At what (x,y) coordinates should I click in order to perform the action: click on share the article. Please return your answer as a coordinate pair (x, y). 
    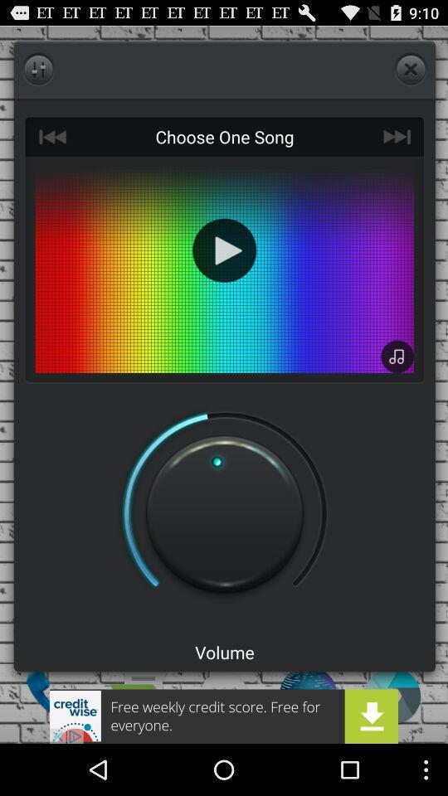
    Looking at the image, I should click on (224, 716).